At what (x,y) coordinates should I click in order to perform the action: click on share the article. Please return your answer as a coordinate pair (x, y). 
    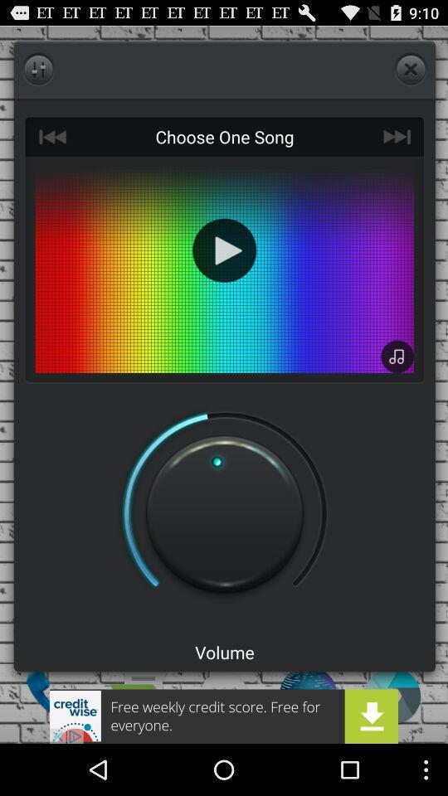
    Looking at the image, I should click on (224, 716).